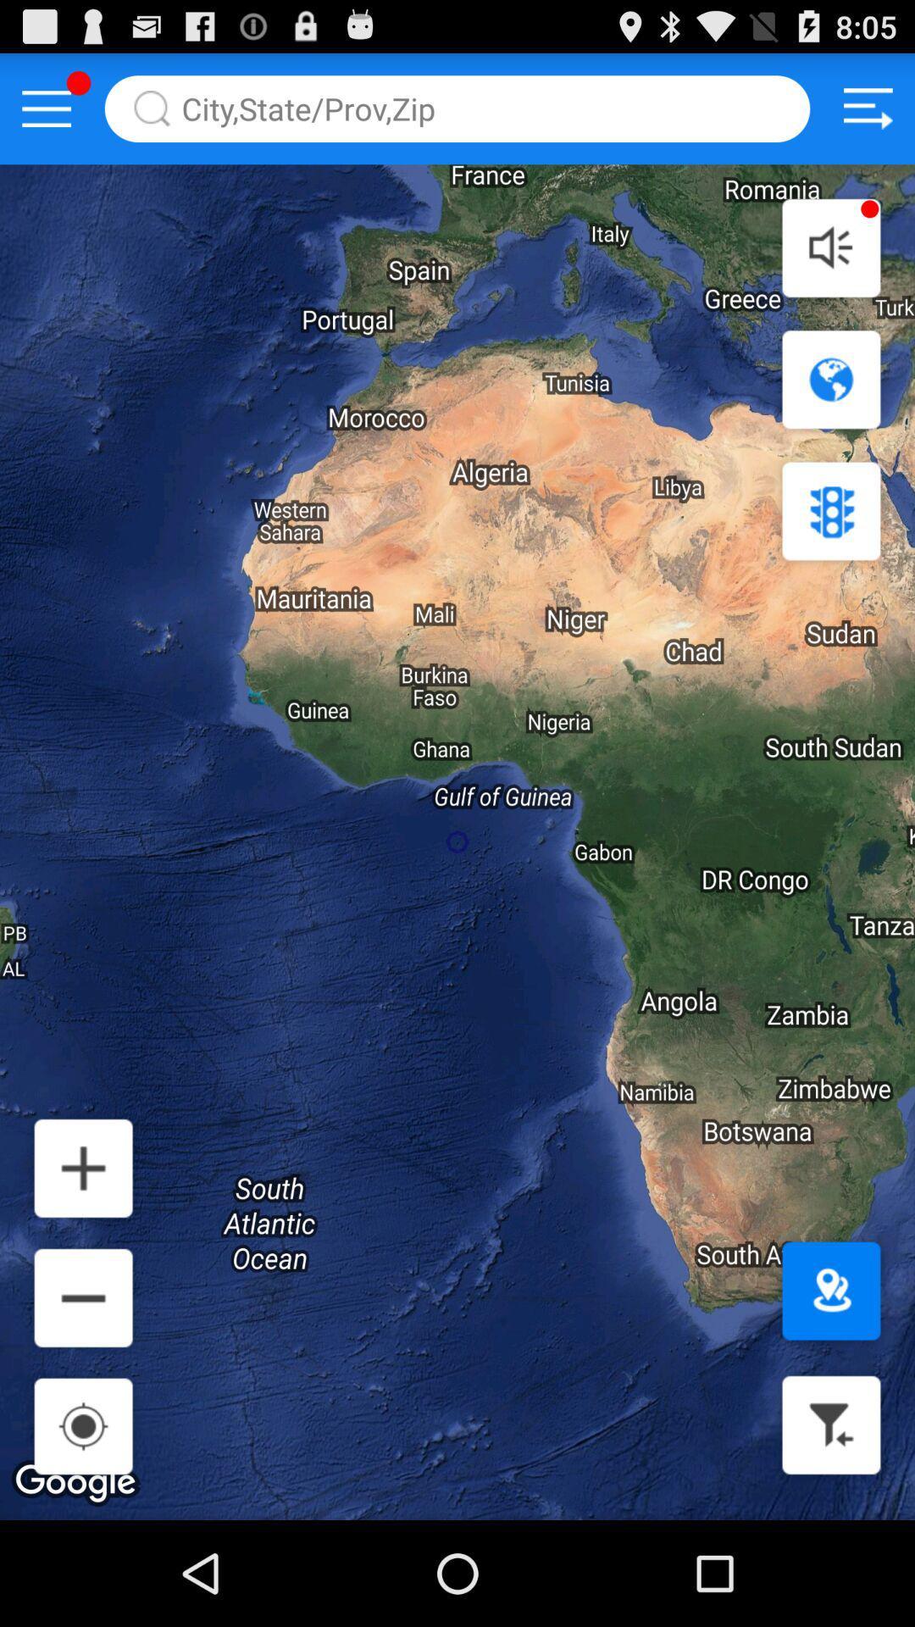 Image resolution: width=915 pixels, height=1627 pixels. What do you see at coordinates (830, 247) in the screenshot?
I see `sound adjust option` at bounding box center [830, 247].